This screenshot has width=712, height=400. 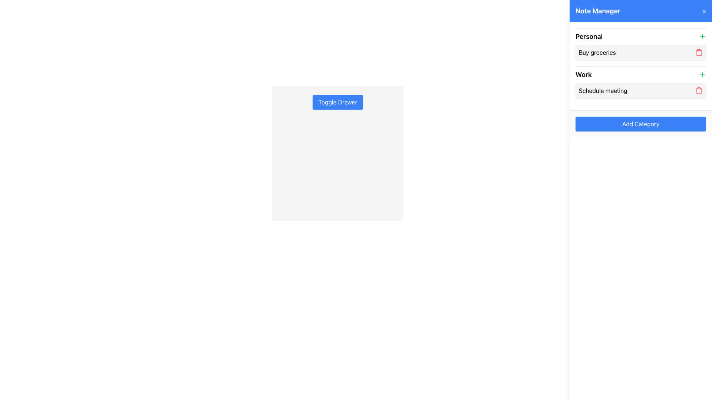 What do you see at coordinates (699, 90) in the screenshot?
I see `the delete icon button located to the far right of the 'Schedule meeting' text` at bounding box center [699, 90].